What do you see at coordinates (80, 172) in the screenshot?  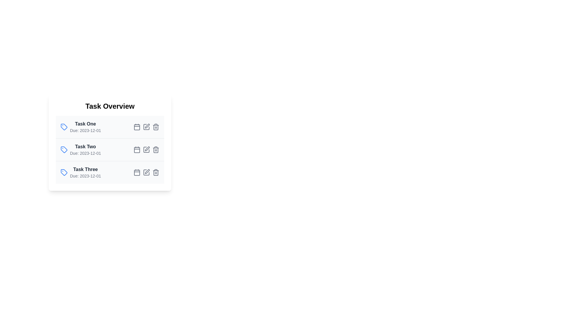 I see `information from the task entry located in the third row of the task management interface, which provides details about the task's name and due date` at bounding box center [80, 172].